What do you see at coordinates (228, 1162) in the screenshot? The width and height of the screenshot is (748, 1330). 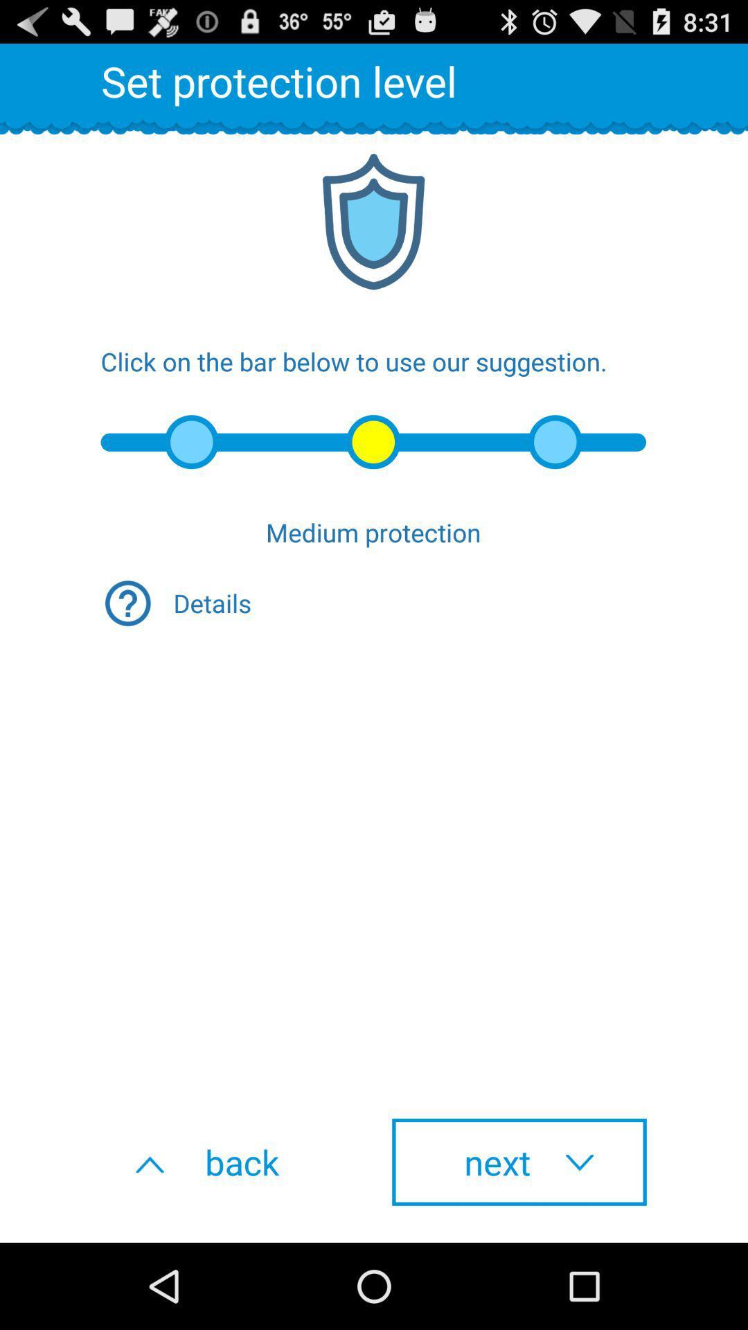 I see `icon next to the next` at bounding box center [228, 1162].